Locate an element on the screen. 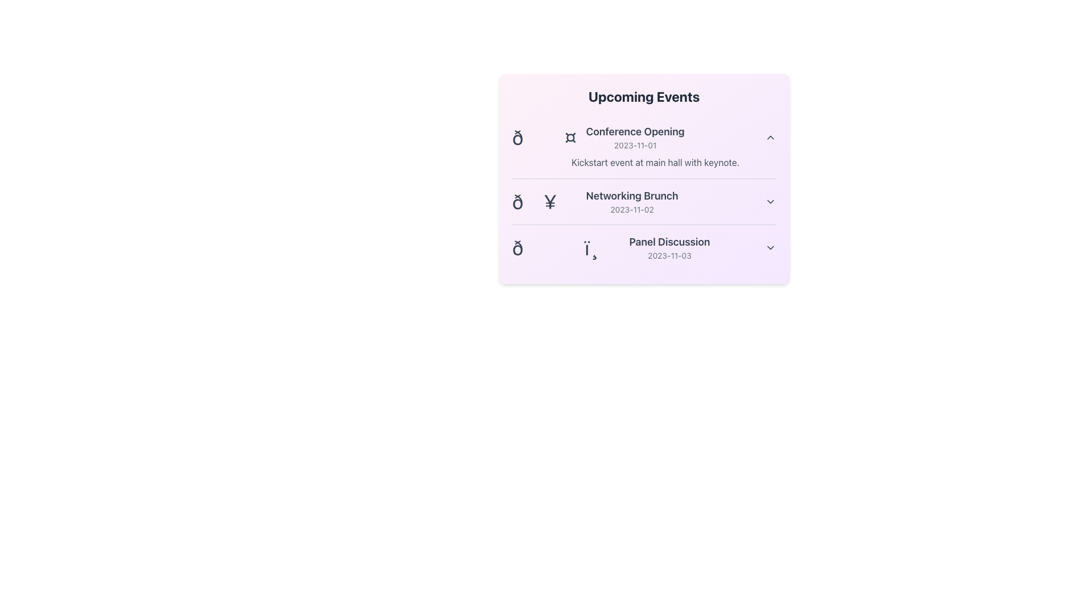  date information from the text element located beneath the title 'Panel Discussion' in the event details is located at coordinates (669, 256).